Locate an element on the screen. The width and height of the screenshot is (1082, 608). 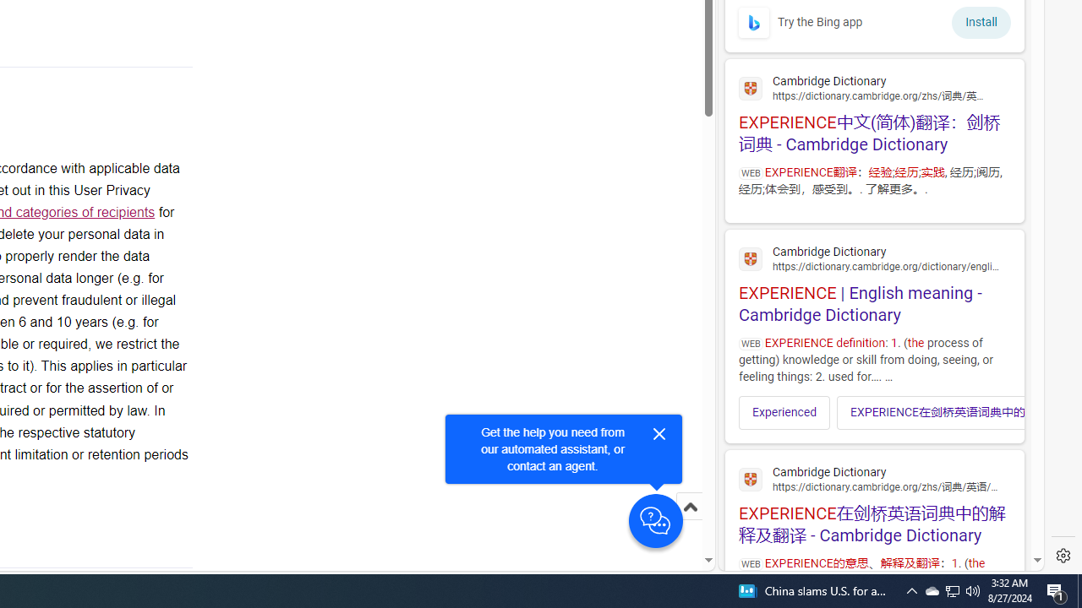
'Scroll to top' is located at coordinates (690, 505).